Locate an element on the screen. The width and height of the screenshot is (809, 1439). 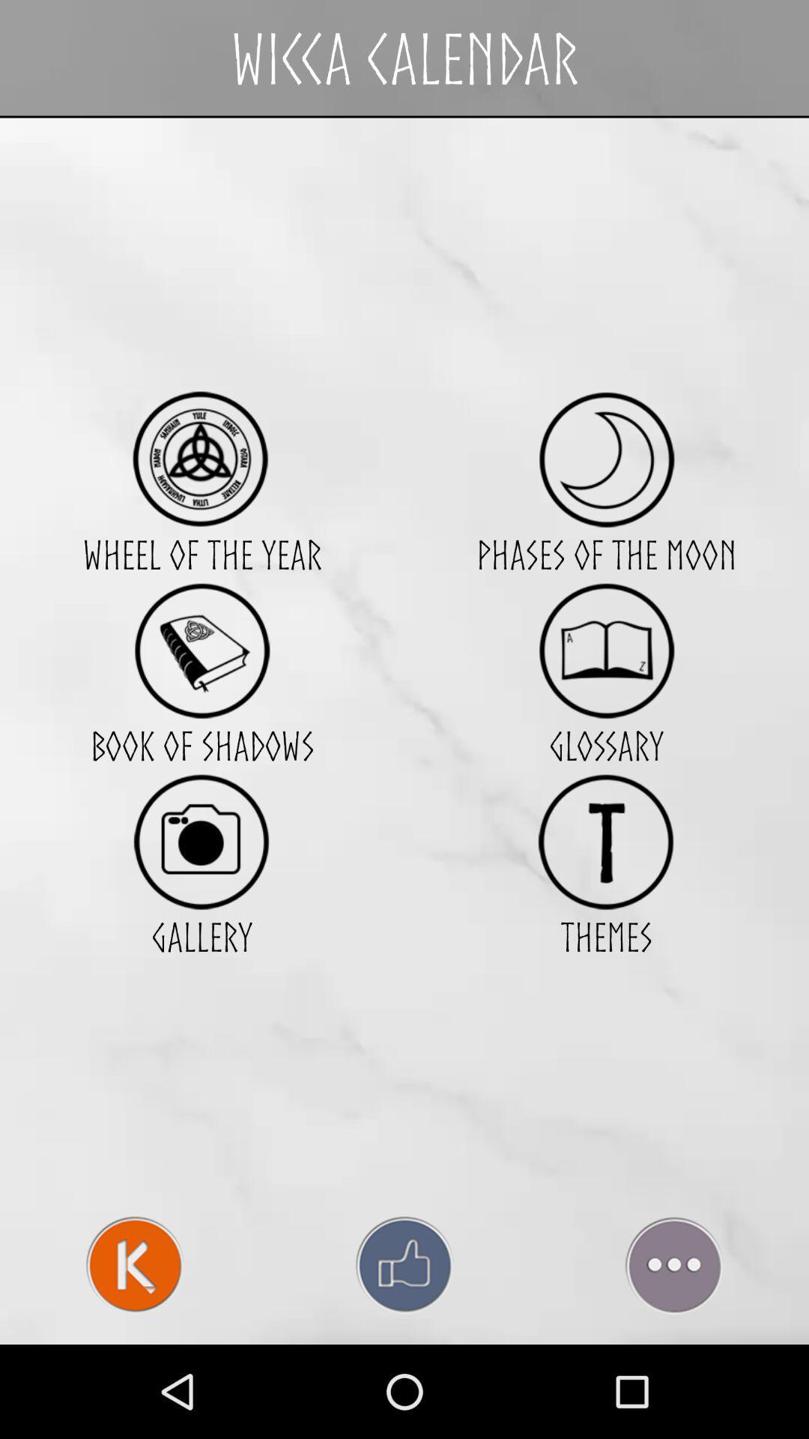
icon next to the wheel of the item is located at coordinates (605, 651).